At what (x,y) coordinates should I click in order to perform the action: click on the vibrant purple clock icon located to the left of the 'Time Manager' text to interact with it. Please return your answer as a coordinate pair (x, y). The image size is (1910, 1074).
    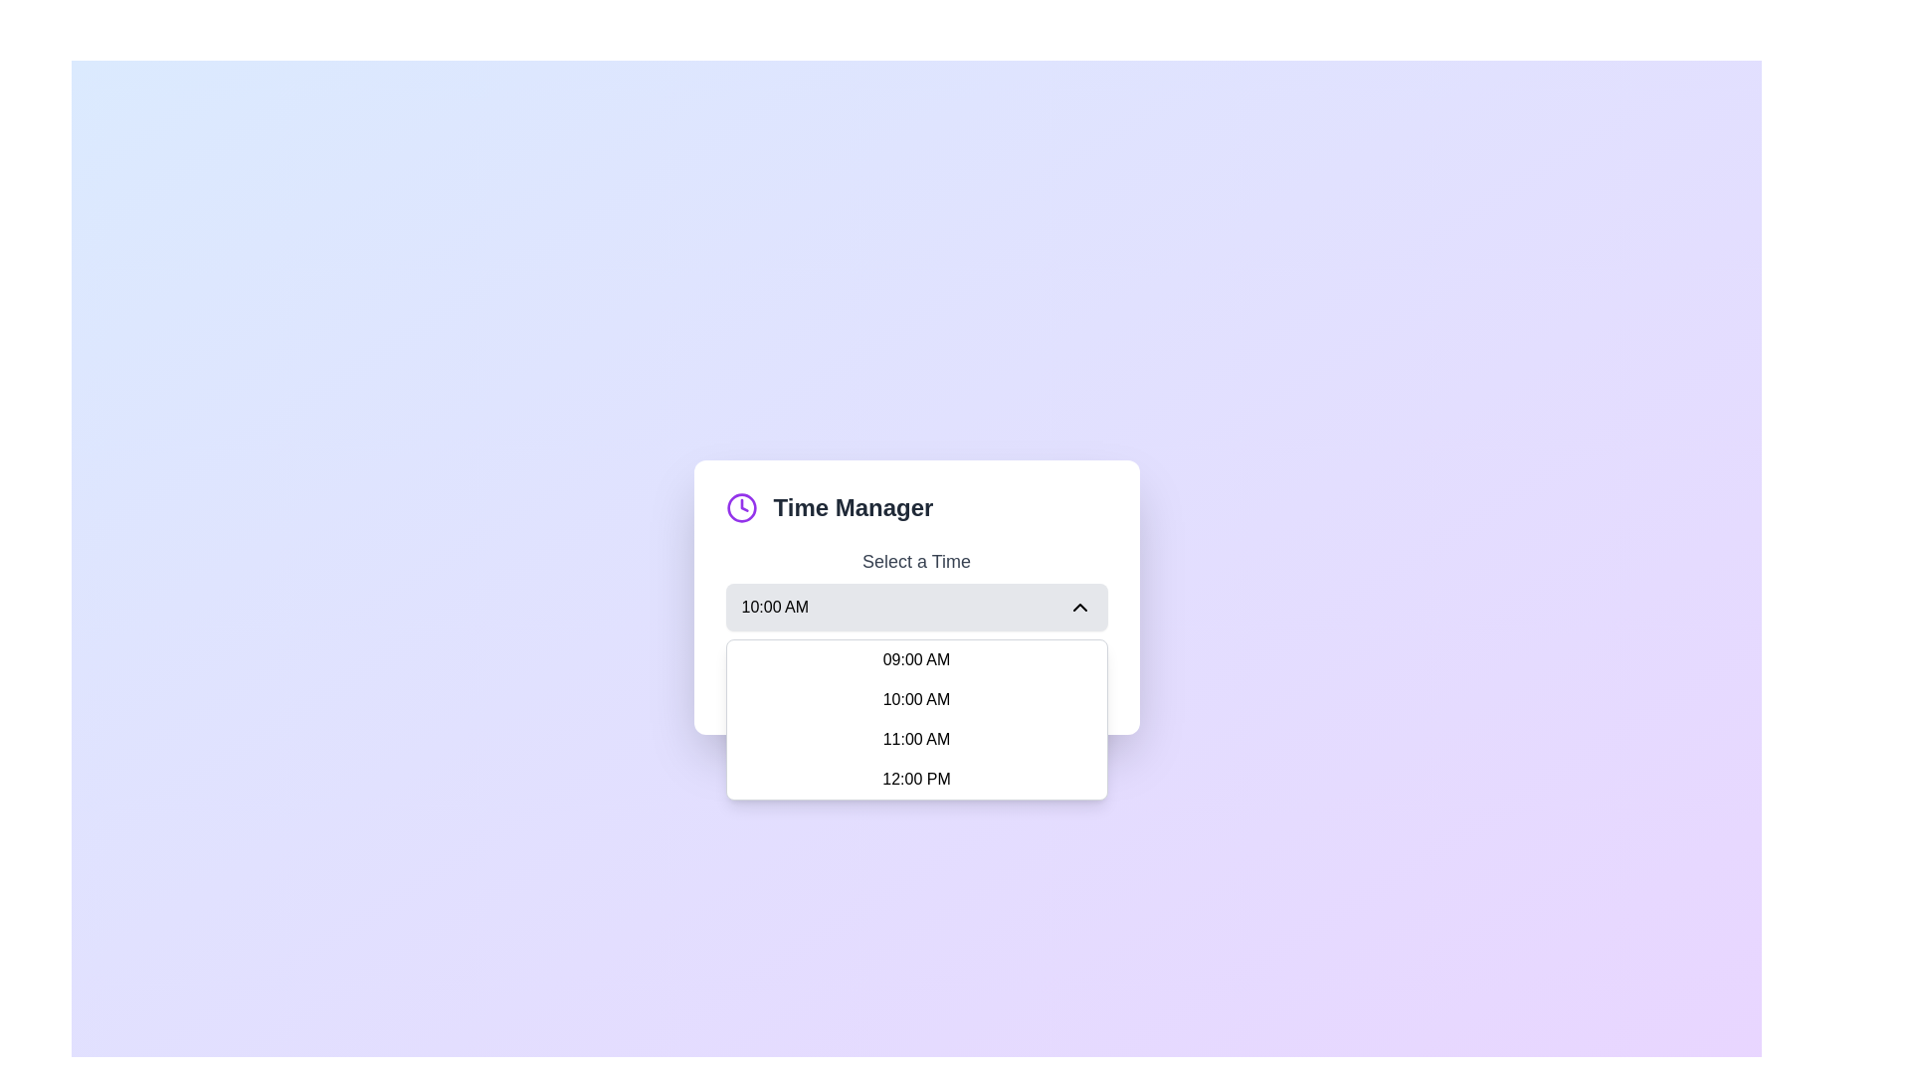
    Looking at the image, I should click on (740, 506).